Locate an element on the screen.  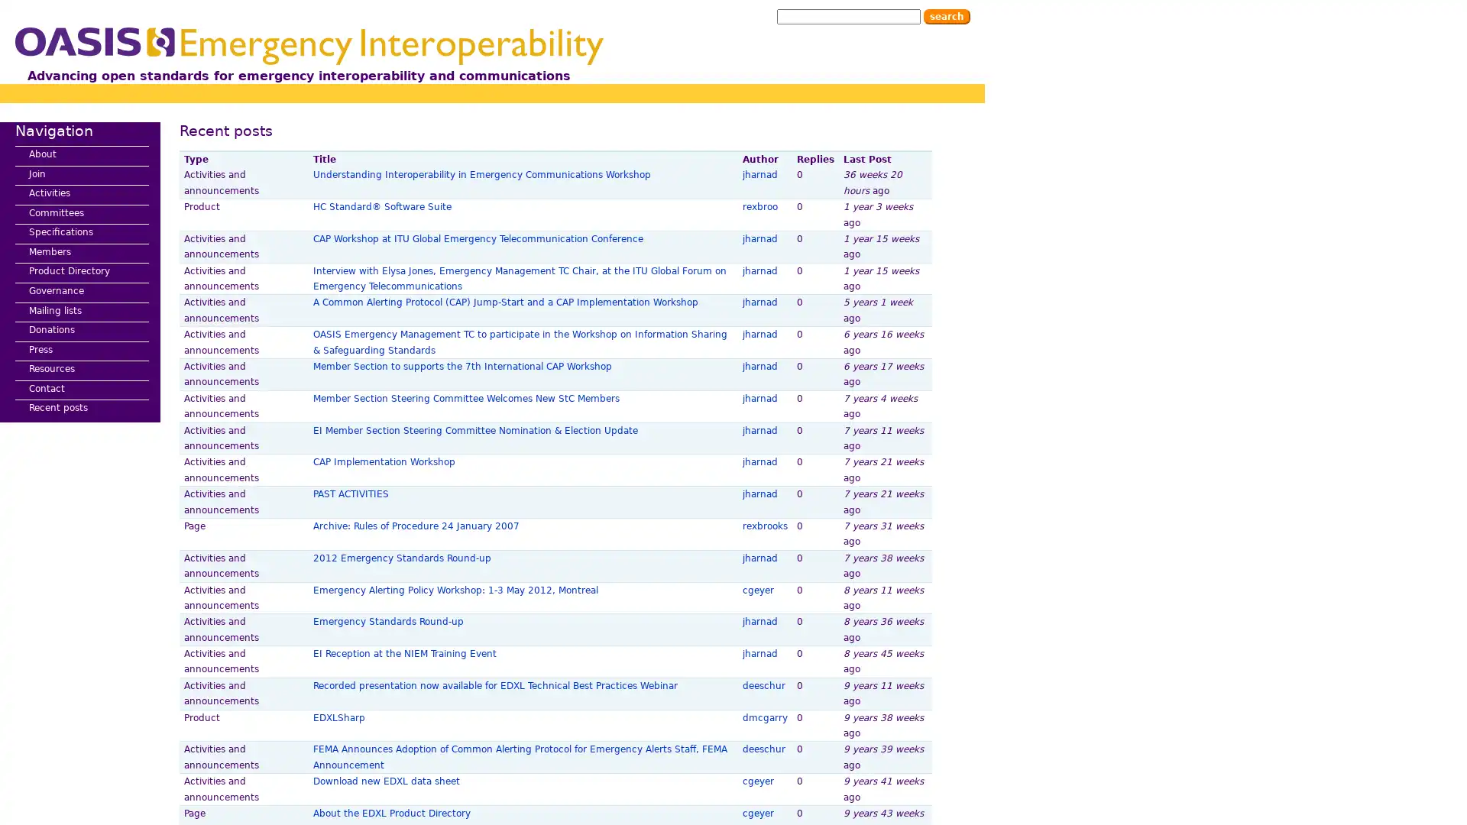
Search is located at coordinates (946, 17).